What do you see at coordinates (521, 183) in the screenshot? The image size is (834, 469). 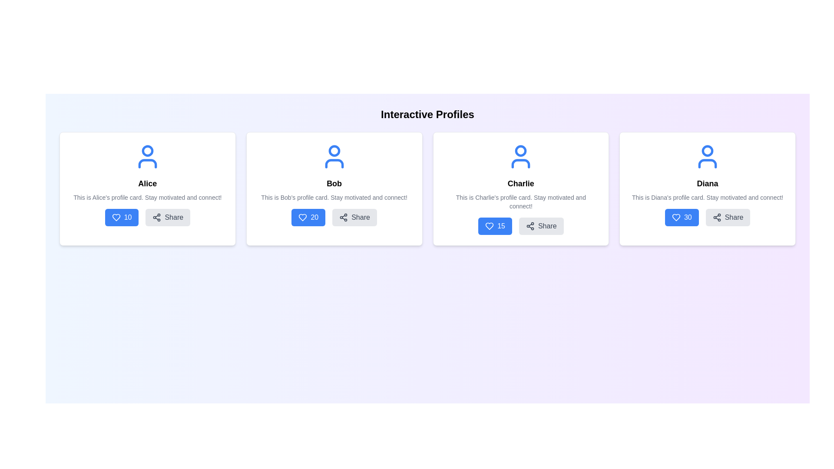 I see `assistive technologies` at bounding box center [521, 183].